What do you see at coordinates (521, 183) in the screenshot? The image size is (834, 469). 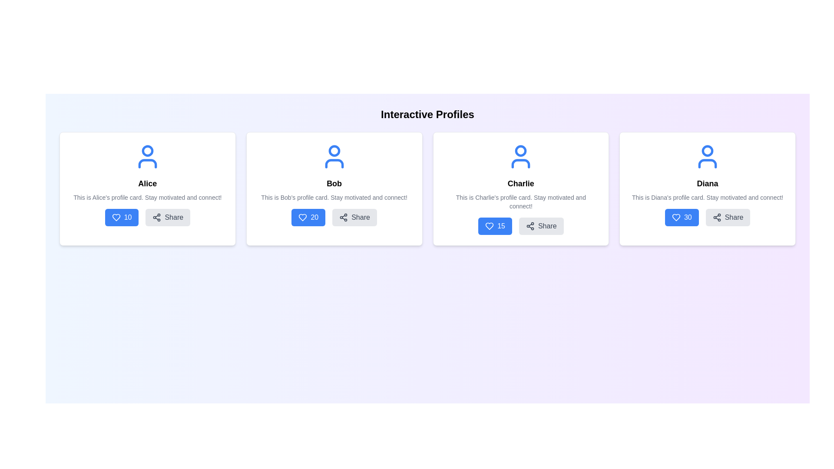 I see `assistive technologies` at bounding box center [521, 183].